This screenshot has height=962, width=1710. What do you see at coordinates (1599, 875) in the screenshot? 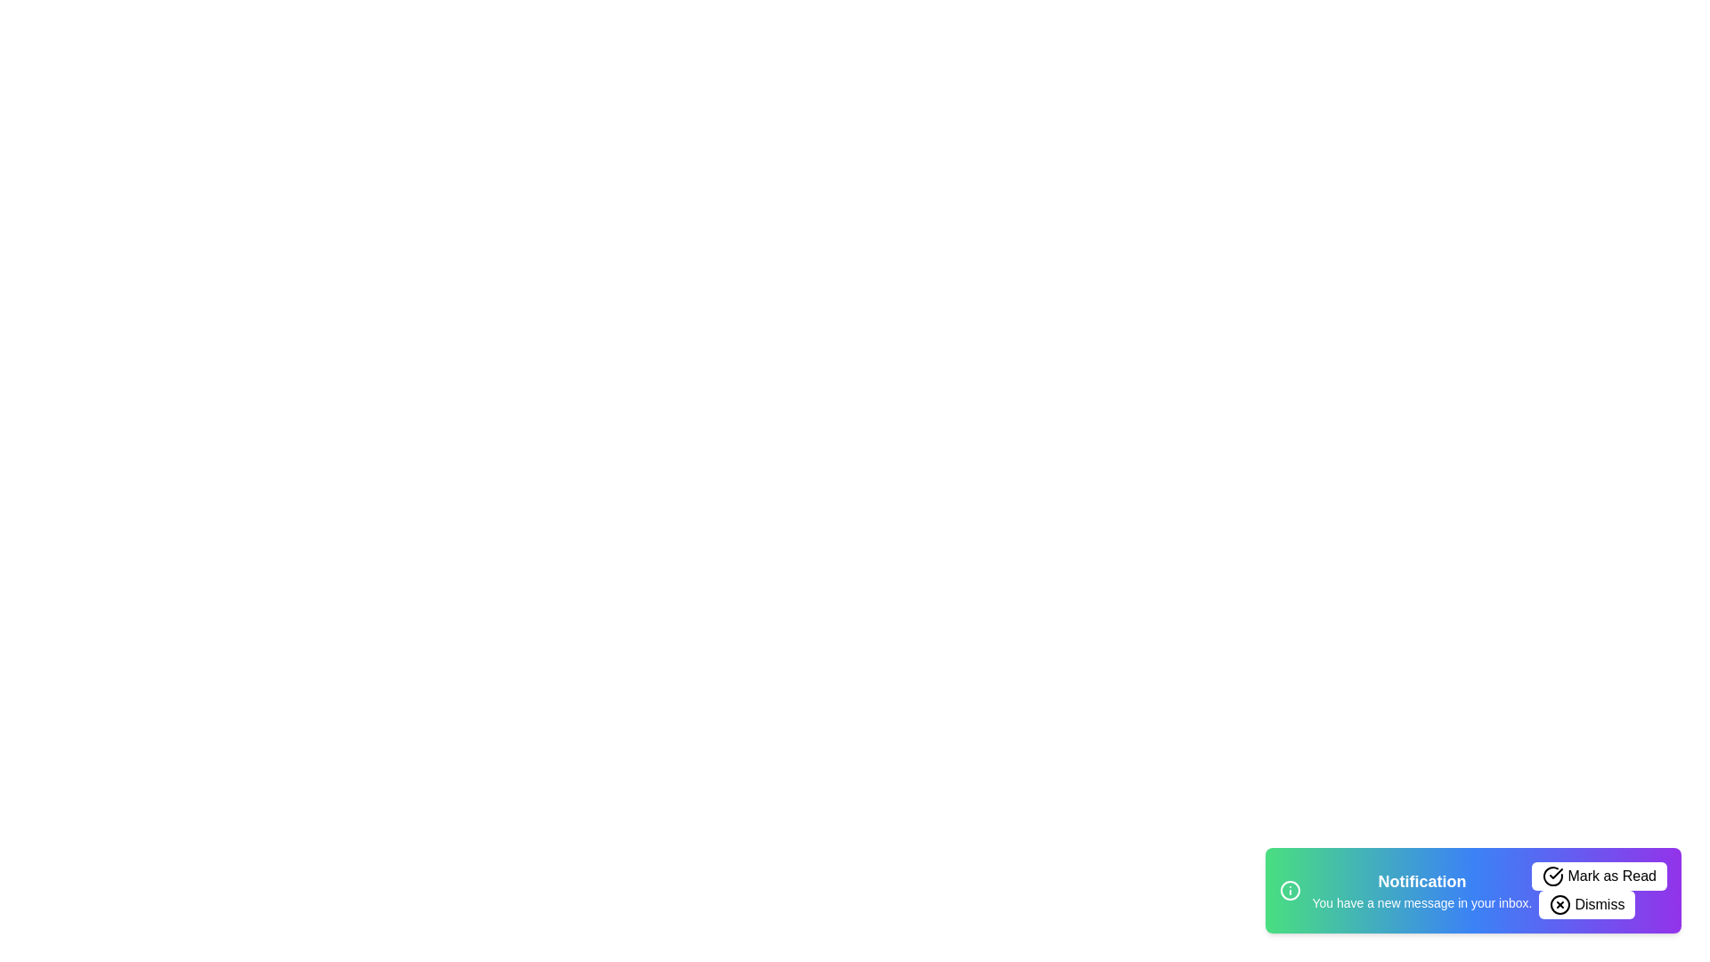
I see `the 'Mark as Read' button to mark the notification as read` at bounding box center [1599, 875].